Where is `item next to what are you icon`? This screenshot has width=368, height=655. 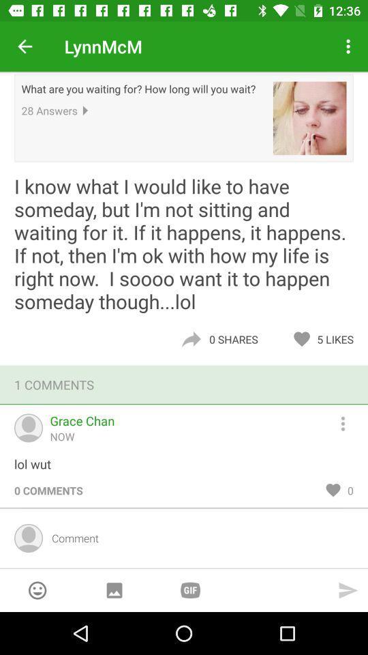 item next to what are you icon is located at coordinates (309, 117).